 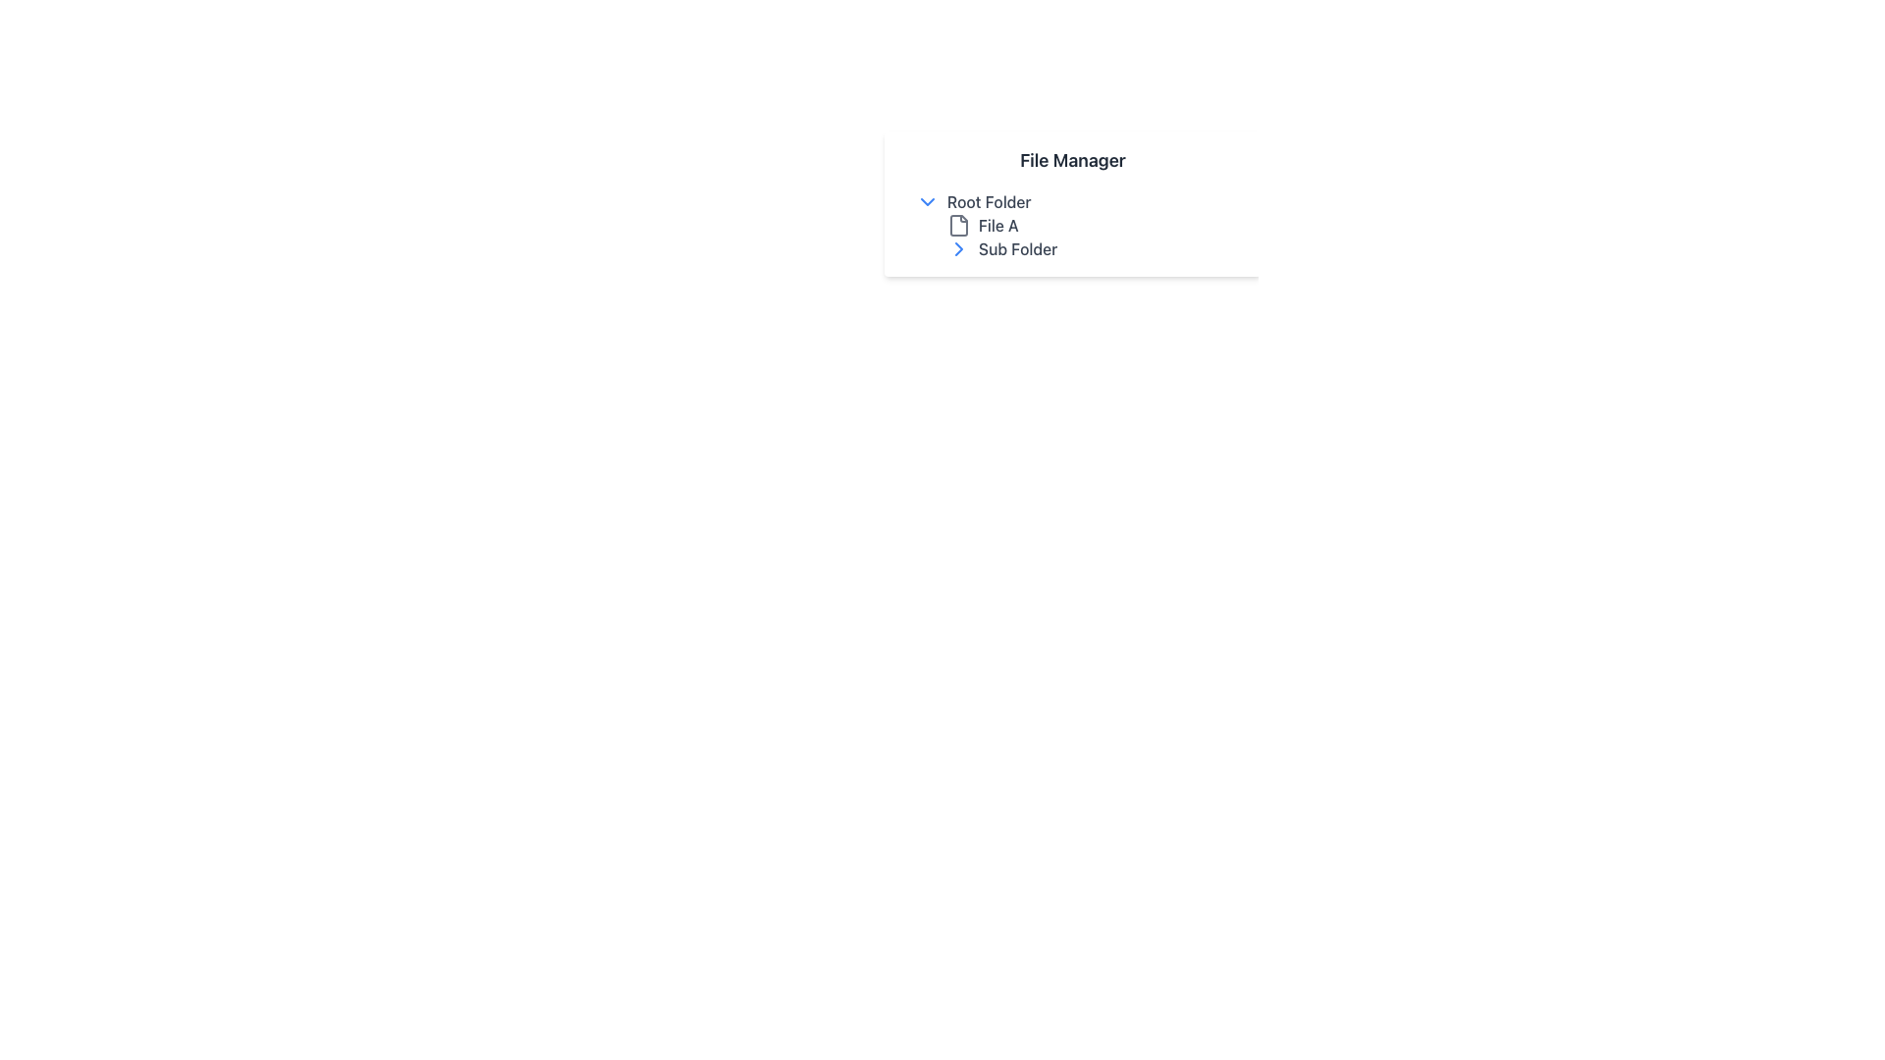 What do you see at coordinates (927, 201) in the screenshot?
I see `the downward-facing chevron icon in light blue color next to the 'Root Folder' text` at bounding box center [927, 201].